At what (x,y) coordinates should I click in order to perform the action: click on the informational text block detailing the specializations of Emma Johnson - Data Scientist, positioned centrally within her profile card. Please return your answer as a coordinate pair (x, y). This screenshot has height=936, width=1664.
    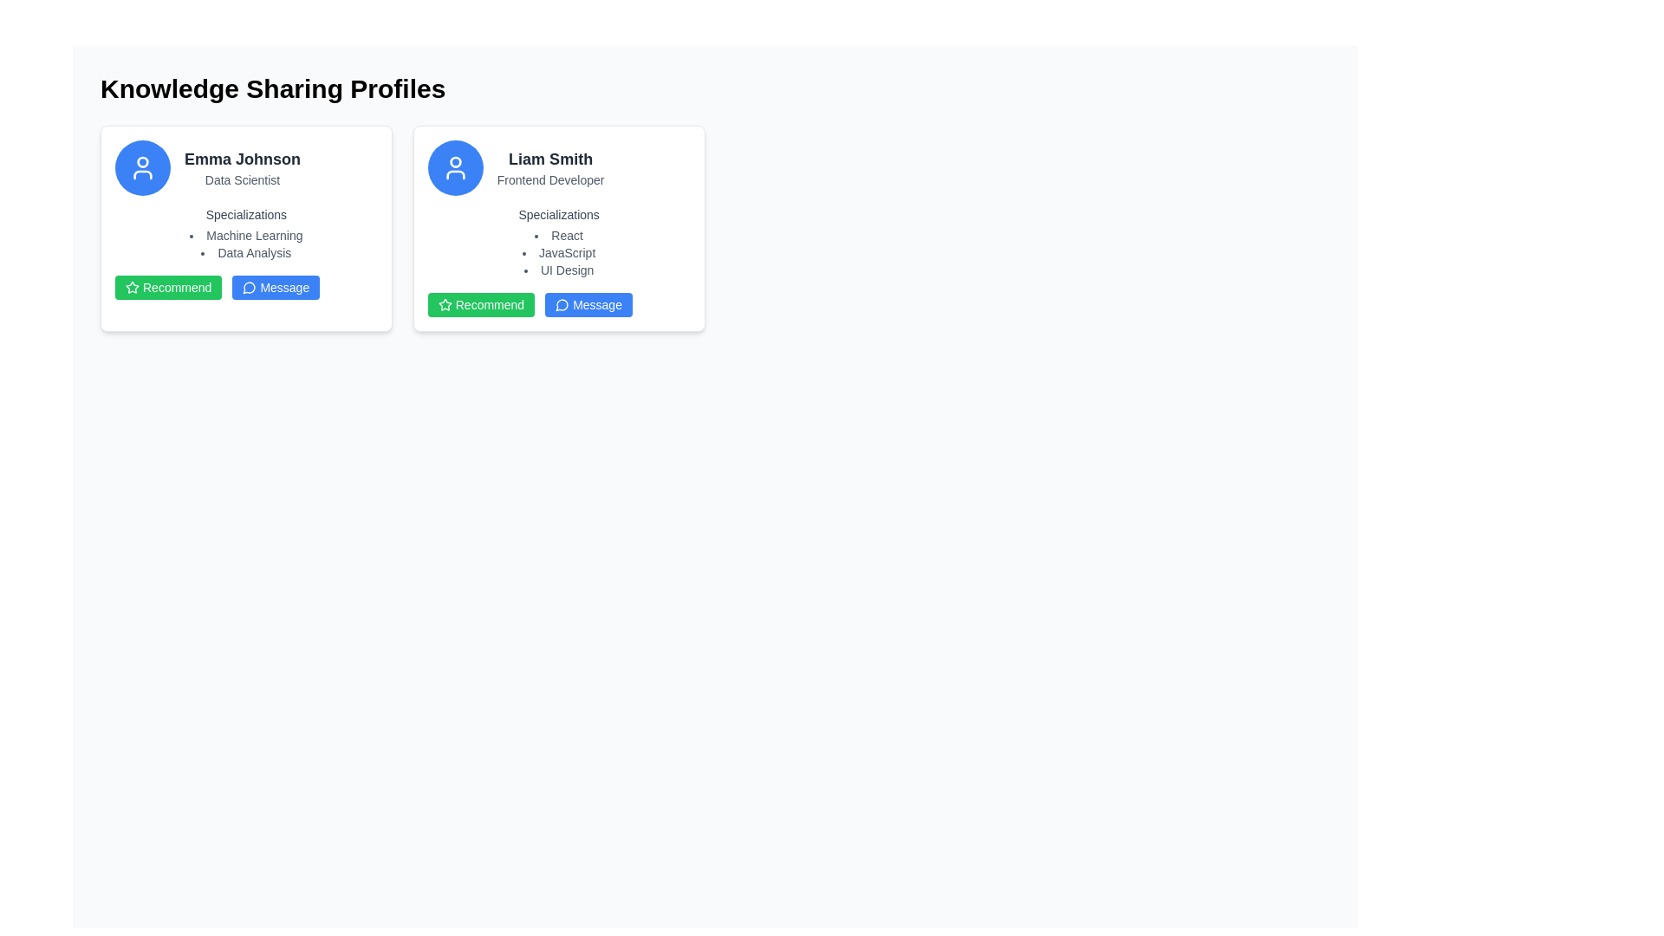
    Looking at the image, I should click on (245, 234).